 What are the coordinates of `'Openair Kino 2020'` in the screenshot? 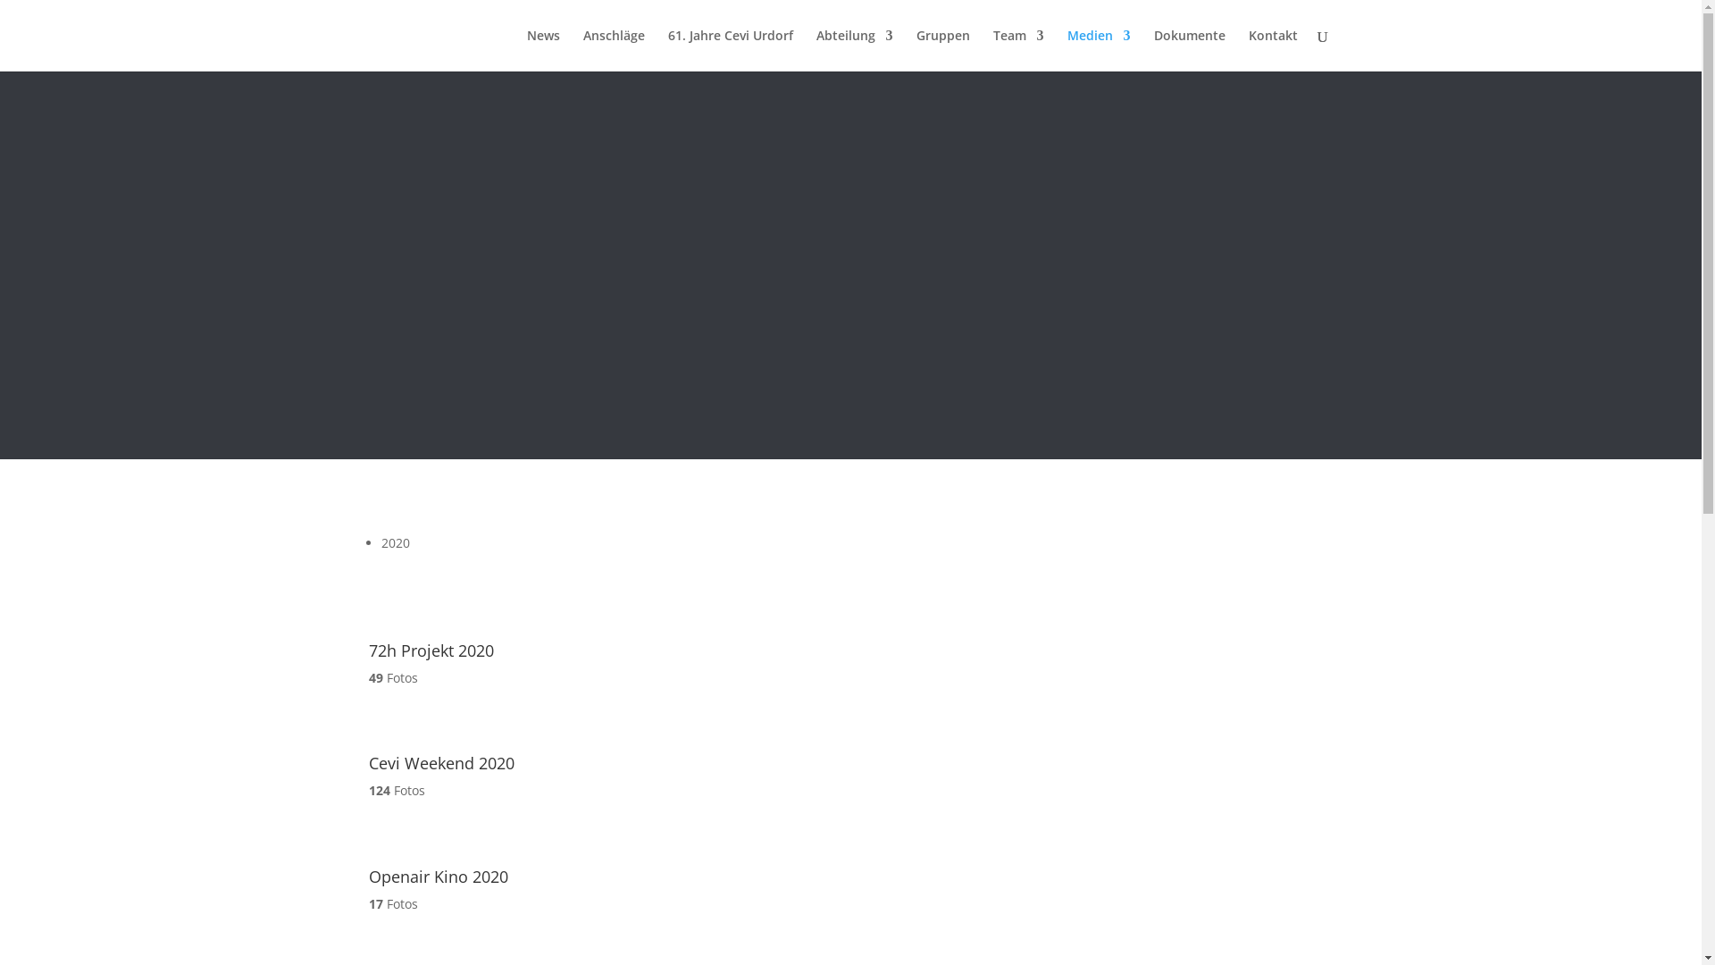 It's located at (437, 875).